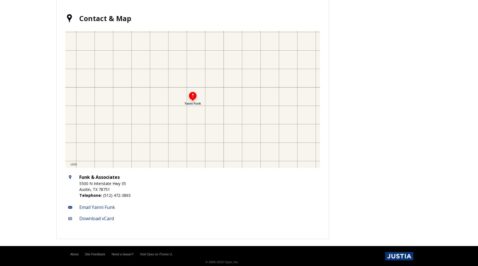 This screenshot has width=478, height=266. I want to click on '(512) 472-3865', so click(116, 195).